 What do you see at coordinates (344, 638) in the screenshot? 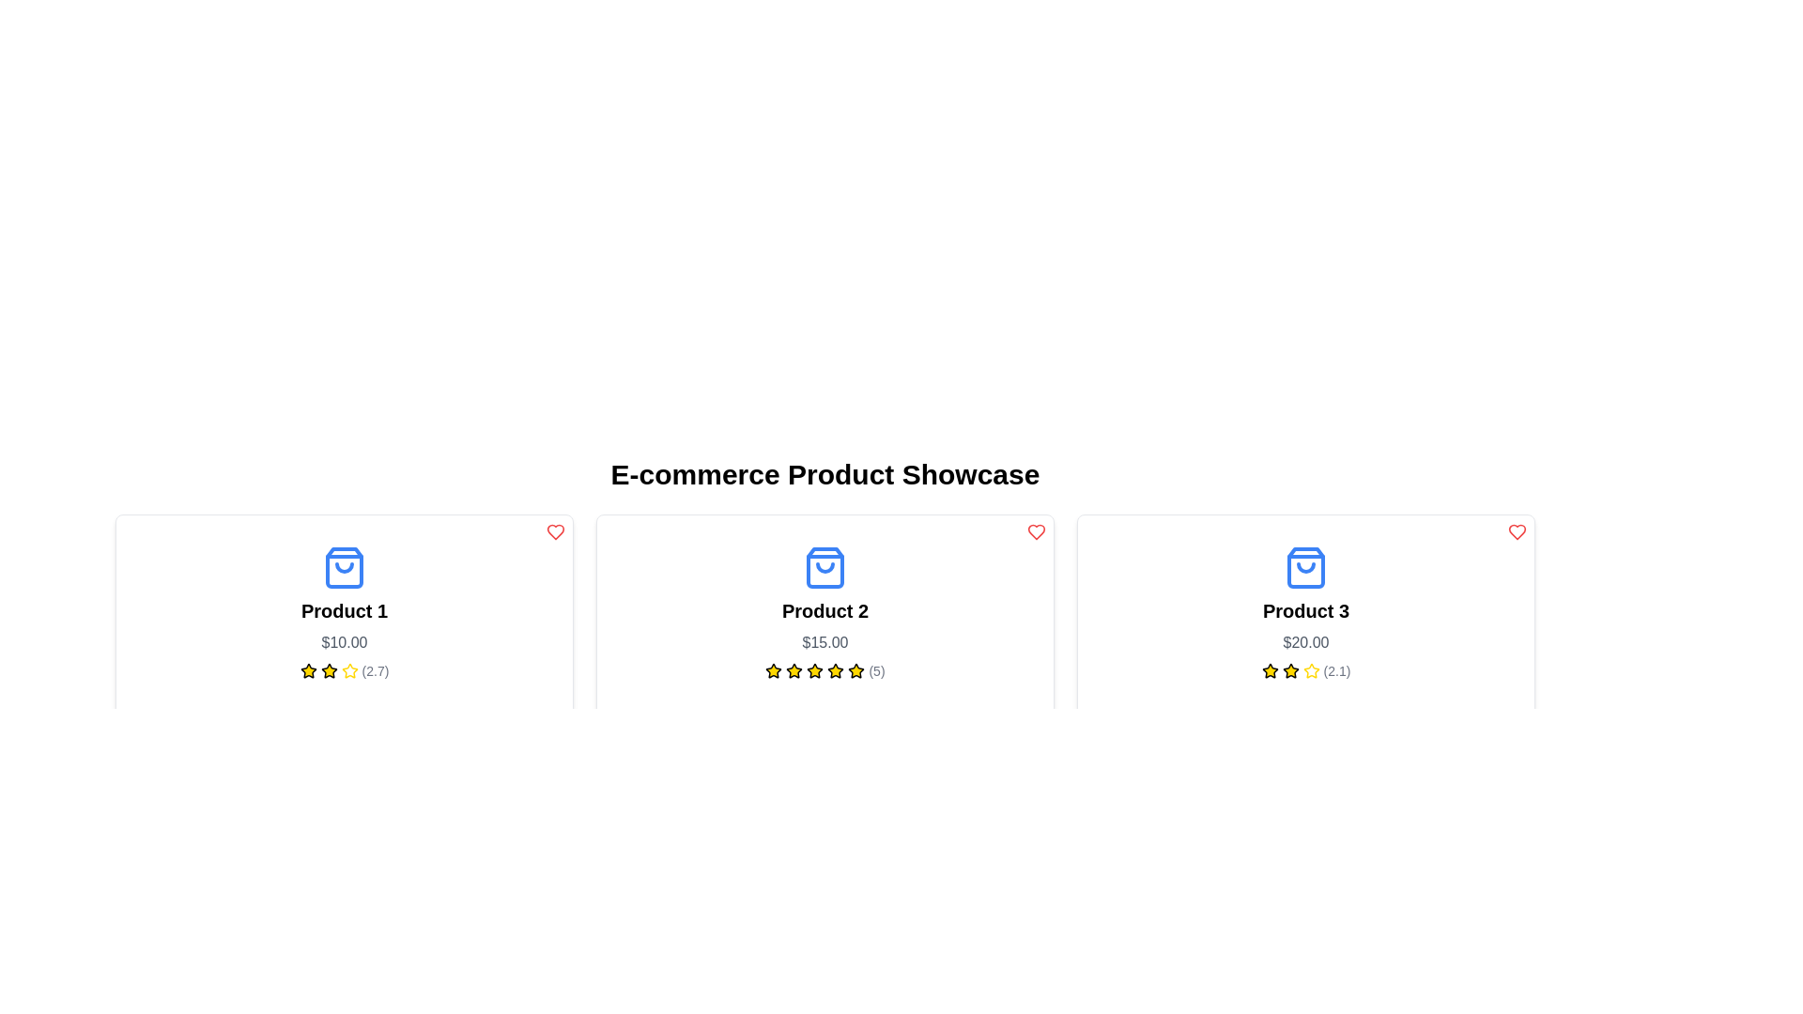
I see `the first product card in the grid layout` at bounding box center [344, 638].